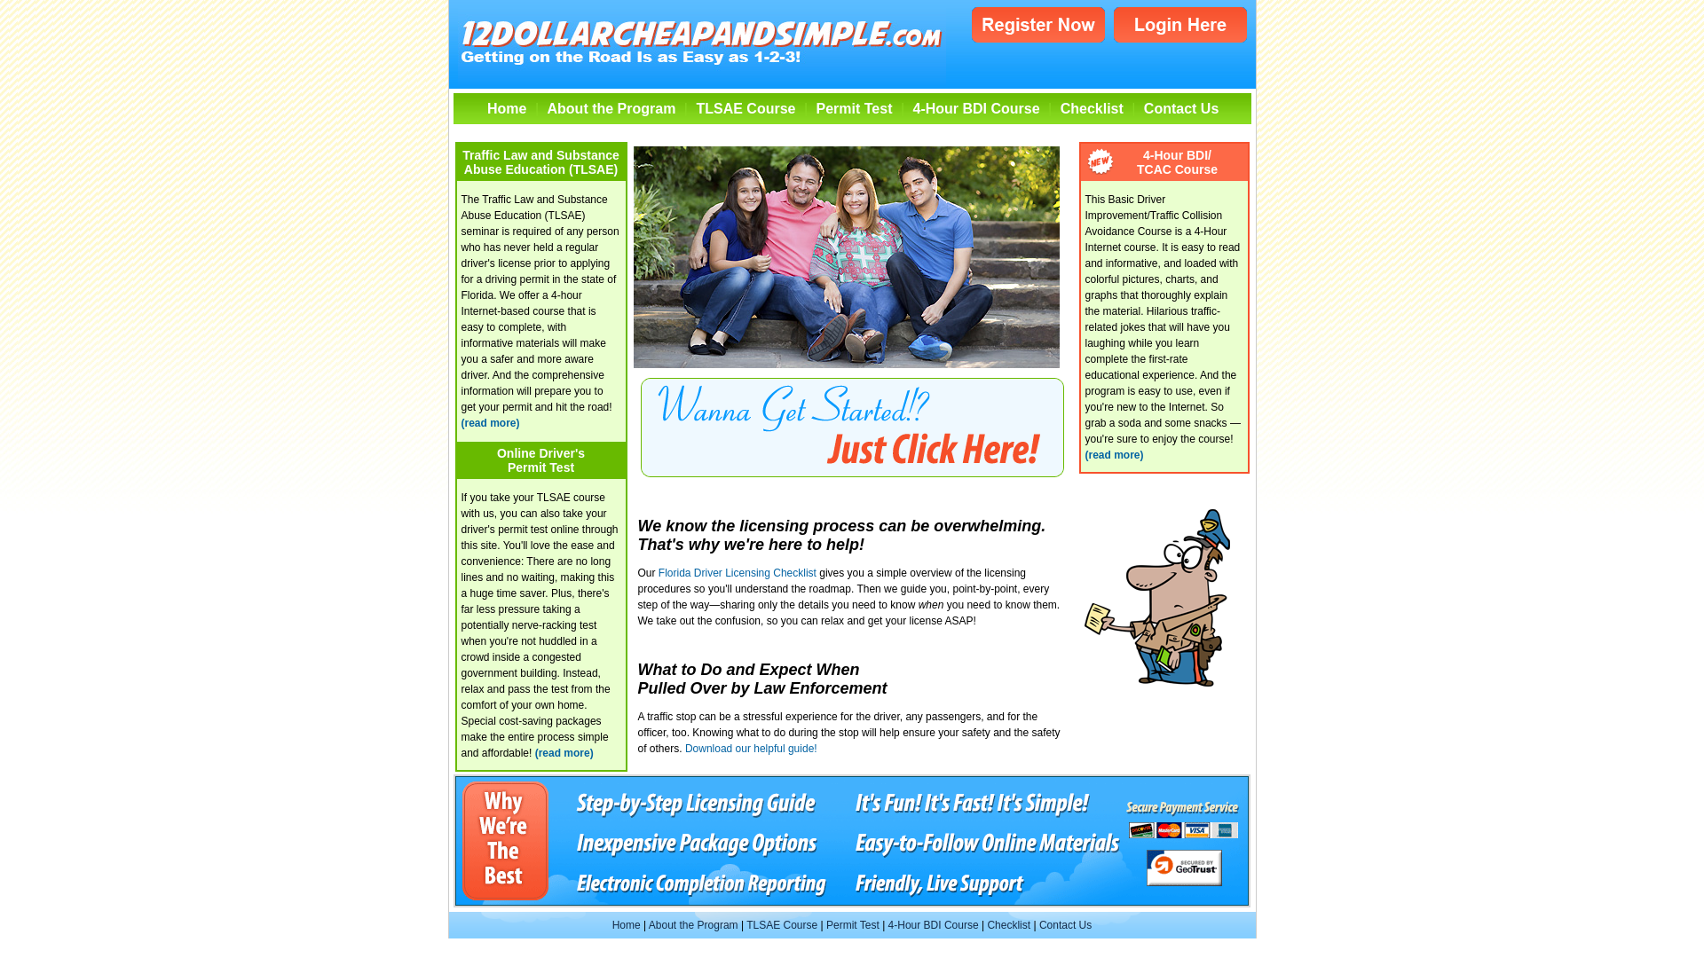  What do you see at coordinates (852, 923) in the screenshot?
I see `'Permit Test'` at bounding box center [852, 923].